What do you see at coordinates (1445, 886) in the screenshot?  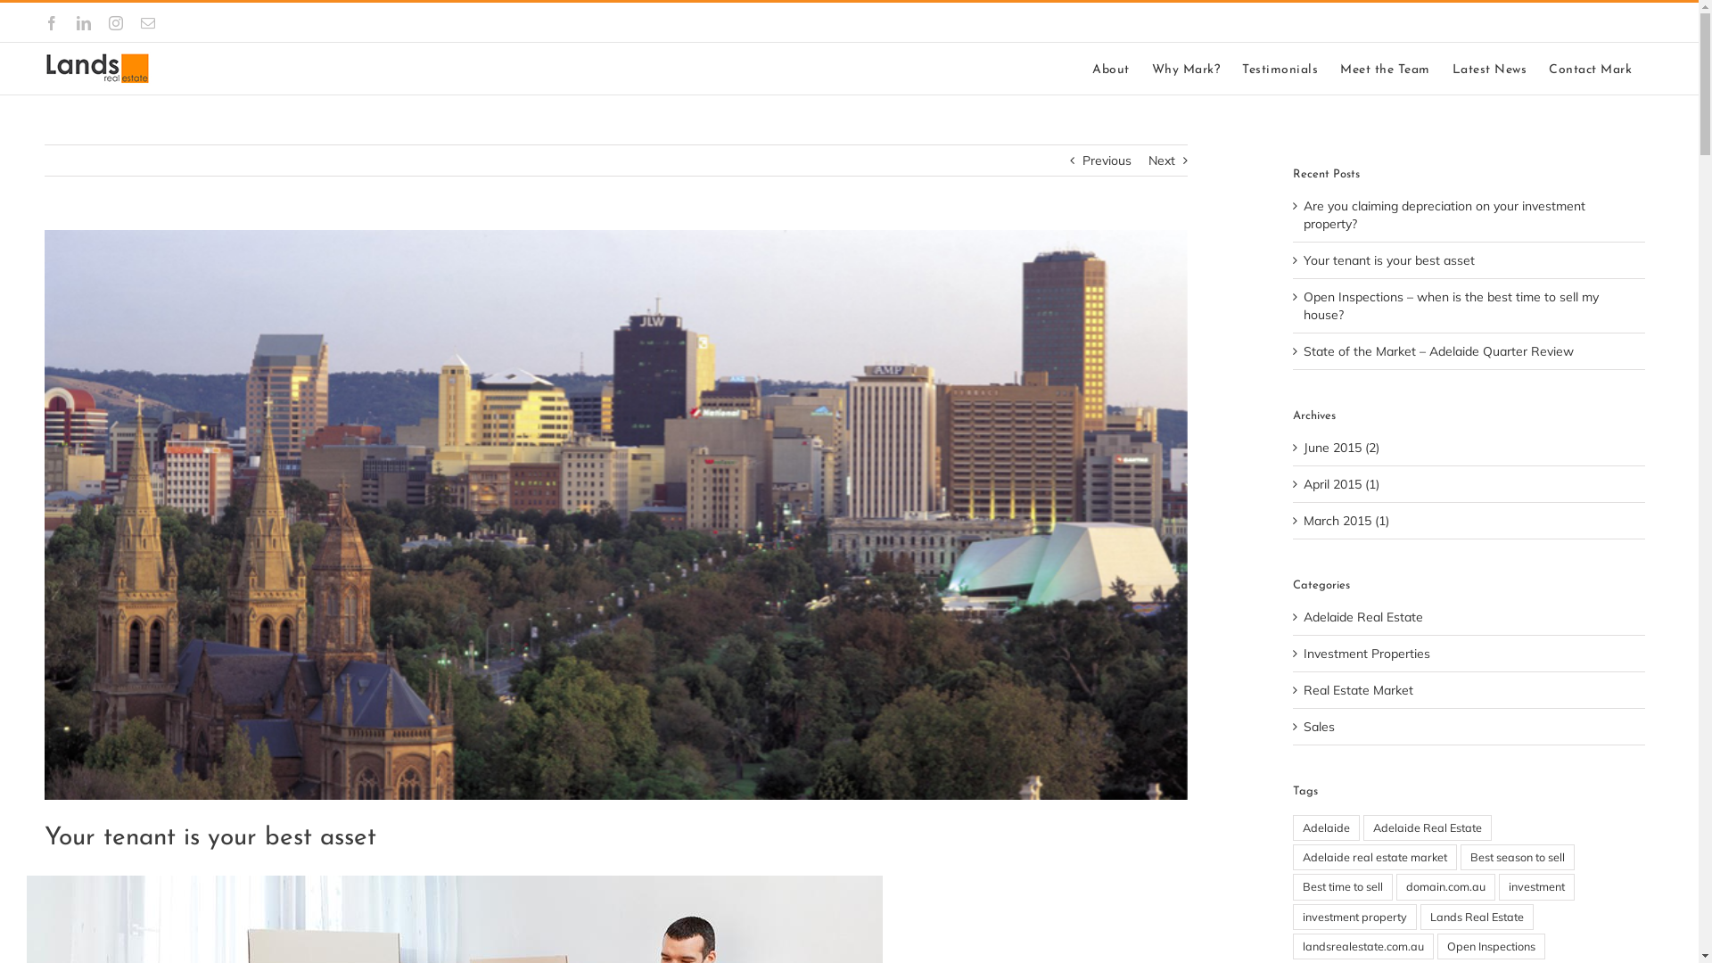 I see `'domain.com.au'` at bounding box center [1445, 886].